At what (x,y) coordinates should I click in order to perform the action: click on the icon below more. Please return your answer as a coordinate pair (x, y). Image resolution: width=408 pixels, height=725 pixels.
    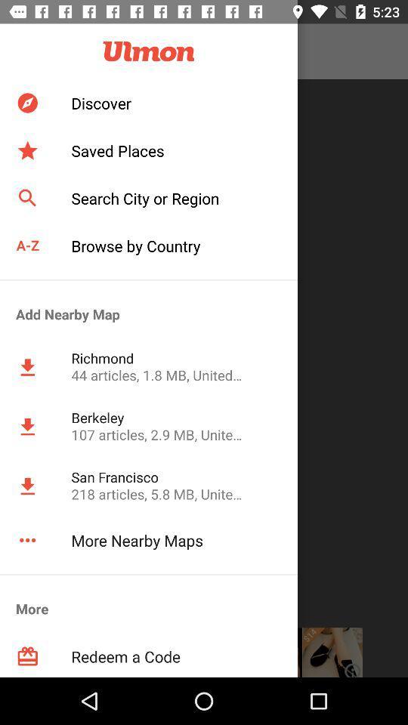
    Looking at the image, I should click on (27, 656).